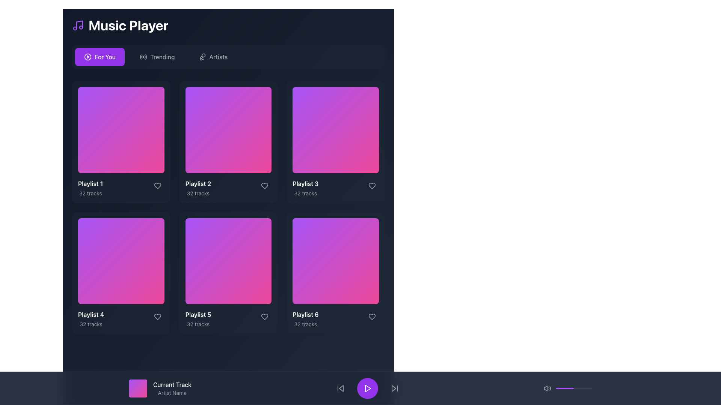 The width and height of the screenshot is (721, 405). I want to click on the slider value, so click(582, 388).